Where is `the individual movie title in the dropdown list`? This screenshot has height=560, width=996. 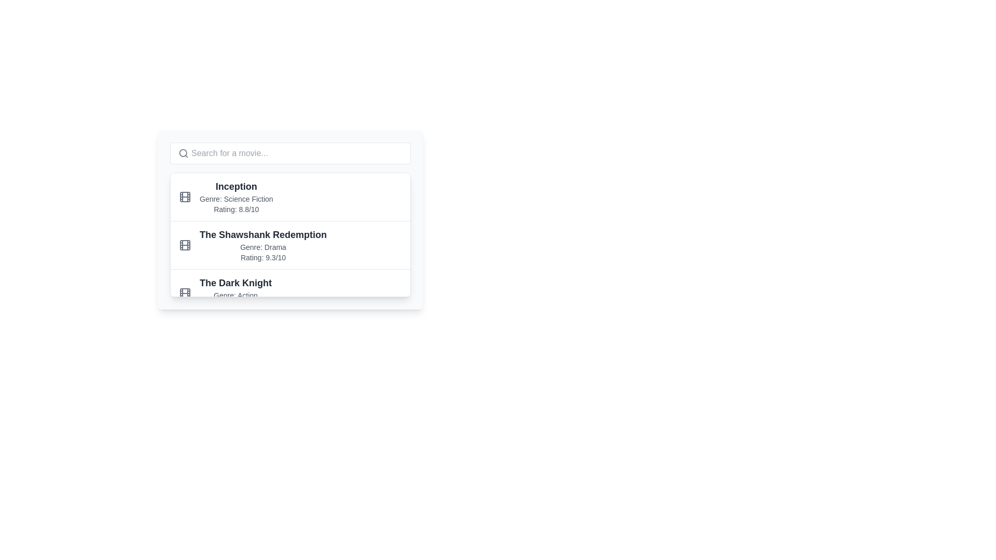
the individual movie title in the dropdown list is located at coordinates (290, 234).